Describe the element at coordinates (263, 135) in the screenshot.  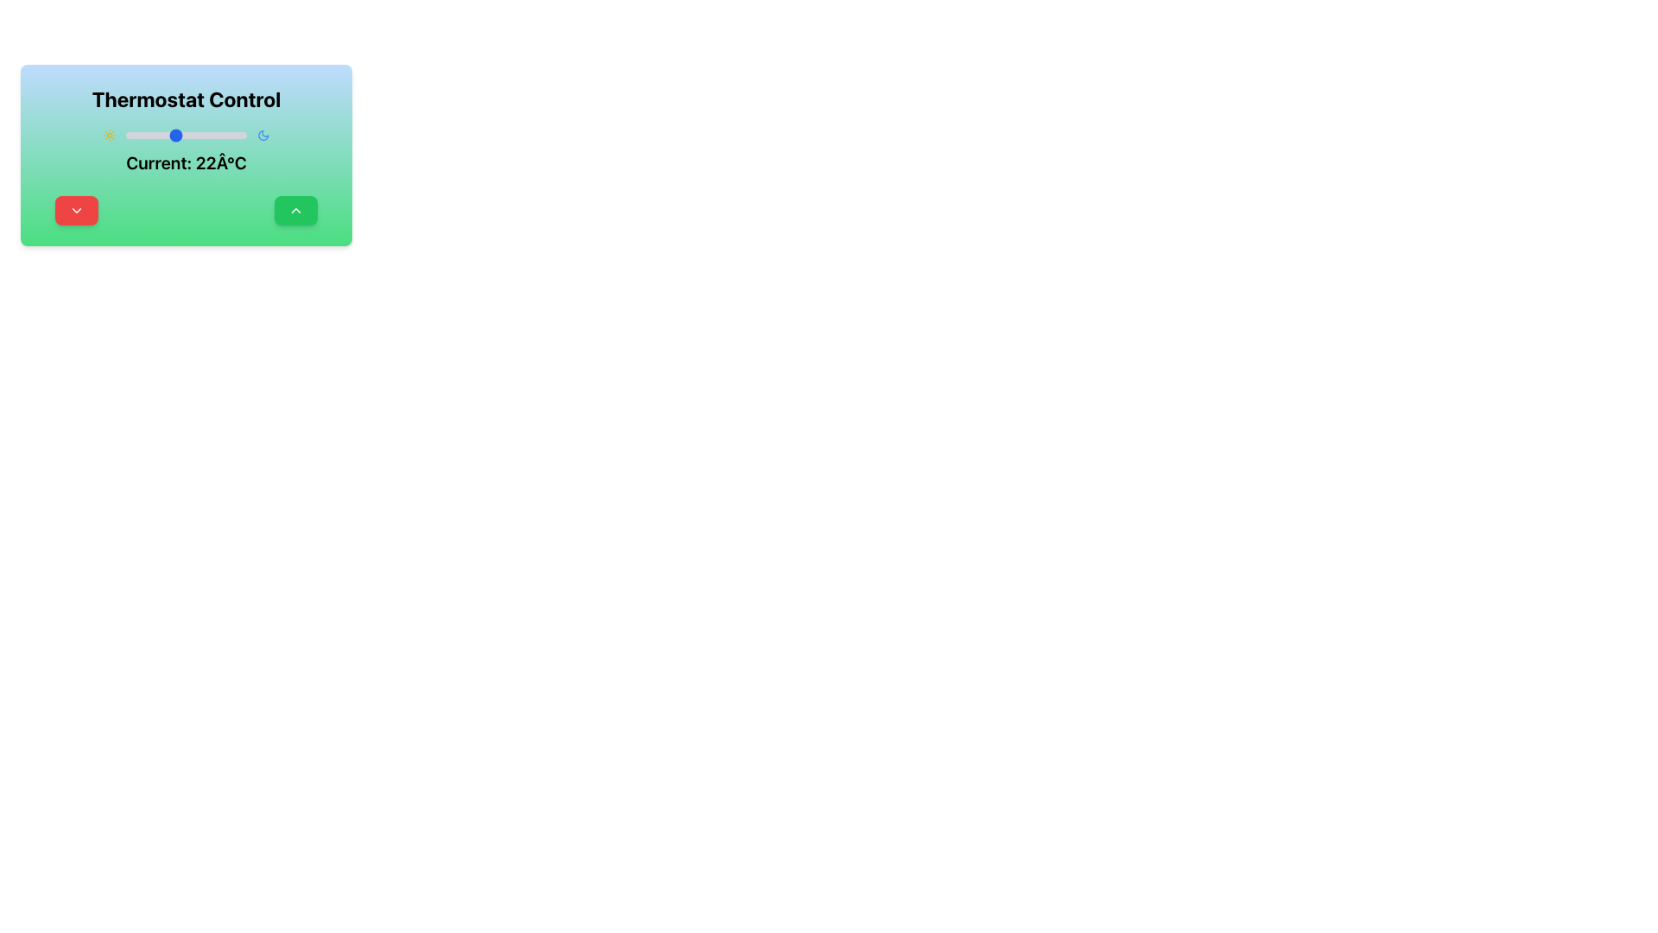
I see `the stylized crescent moon icon in the 'Thermostat Control' panel` at that location.